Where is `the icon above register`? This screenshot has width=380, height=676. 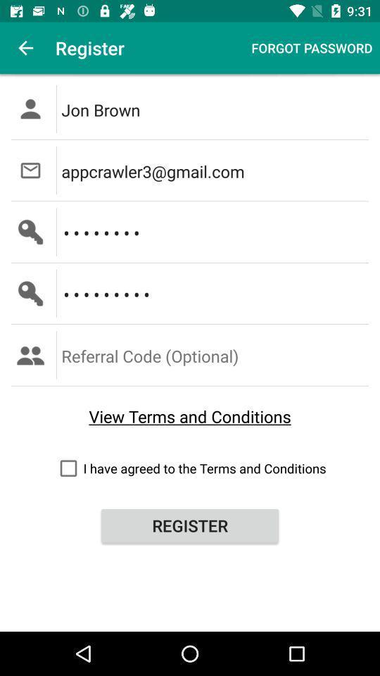
the icon above register is located at coordinates (190, 468).